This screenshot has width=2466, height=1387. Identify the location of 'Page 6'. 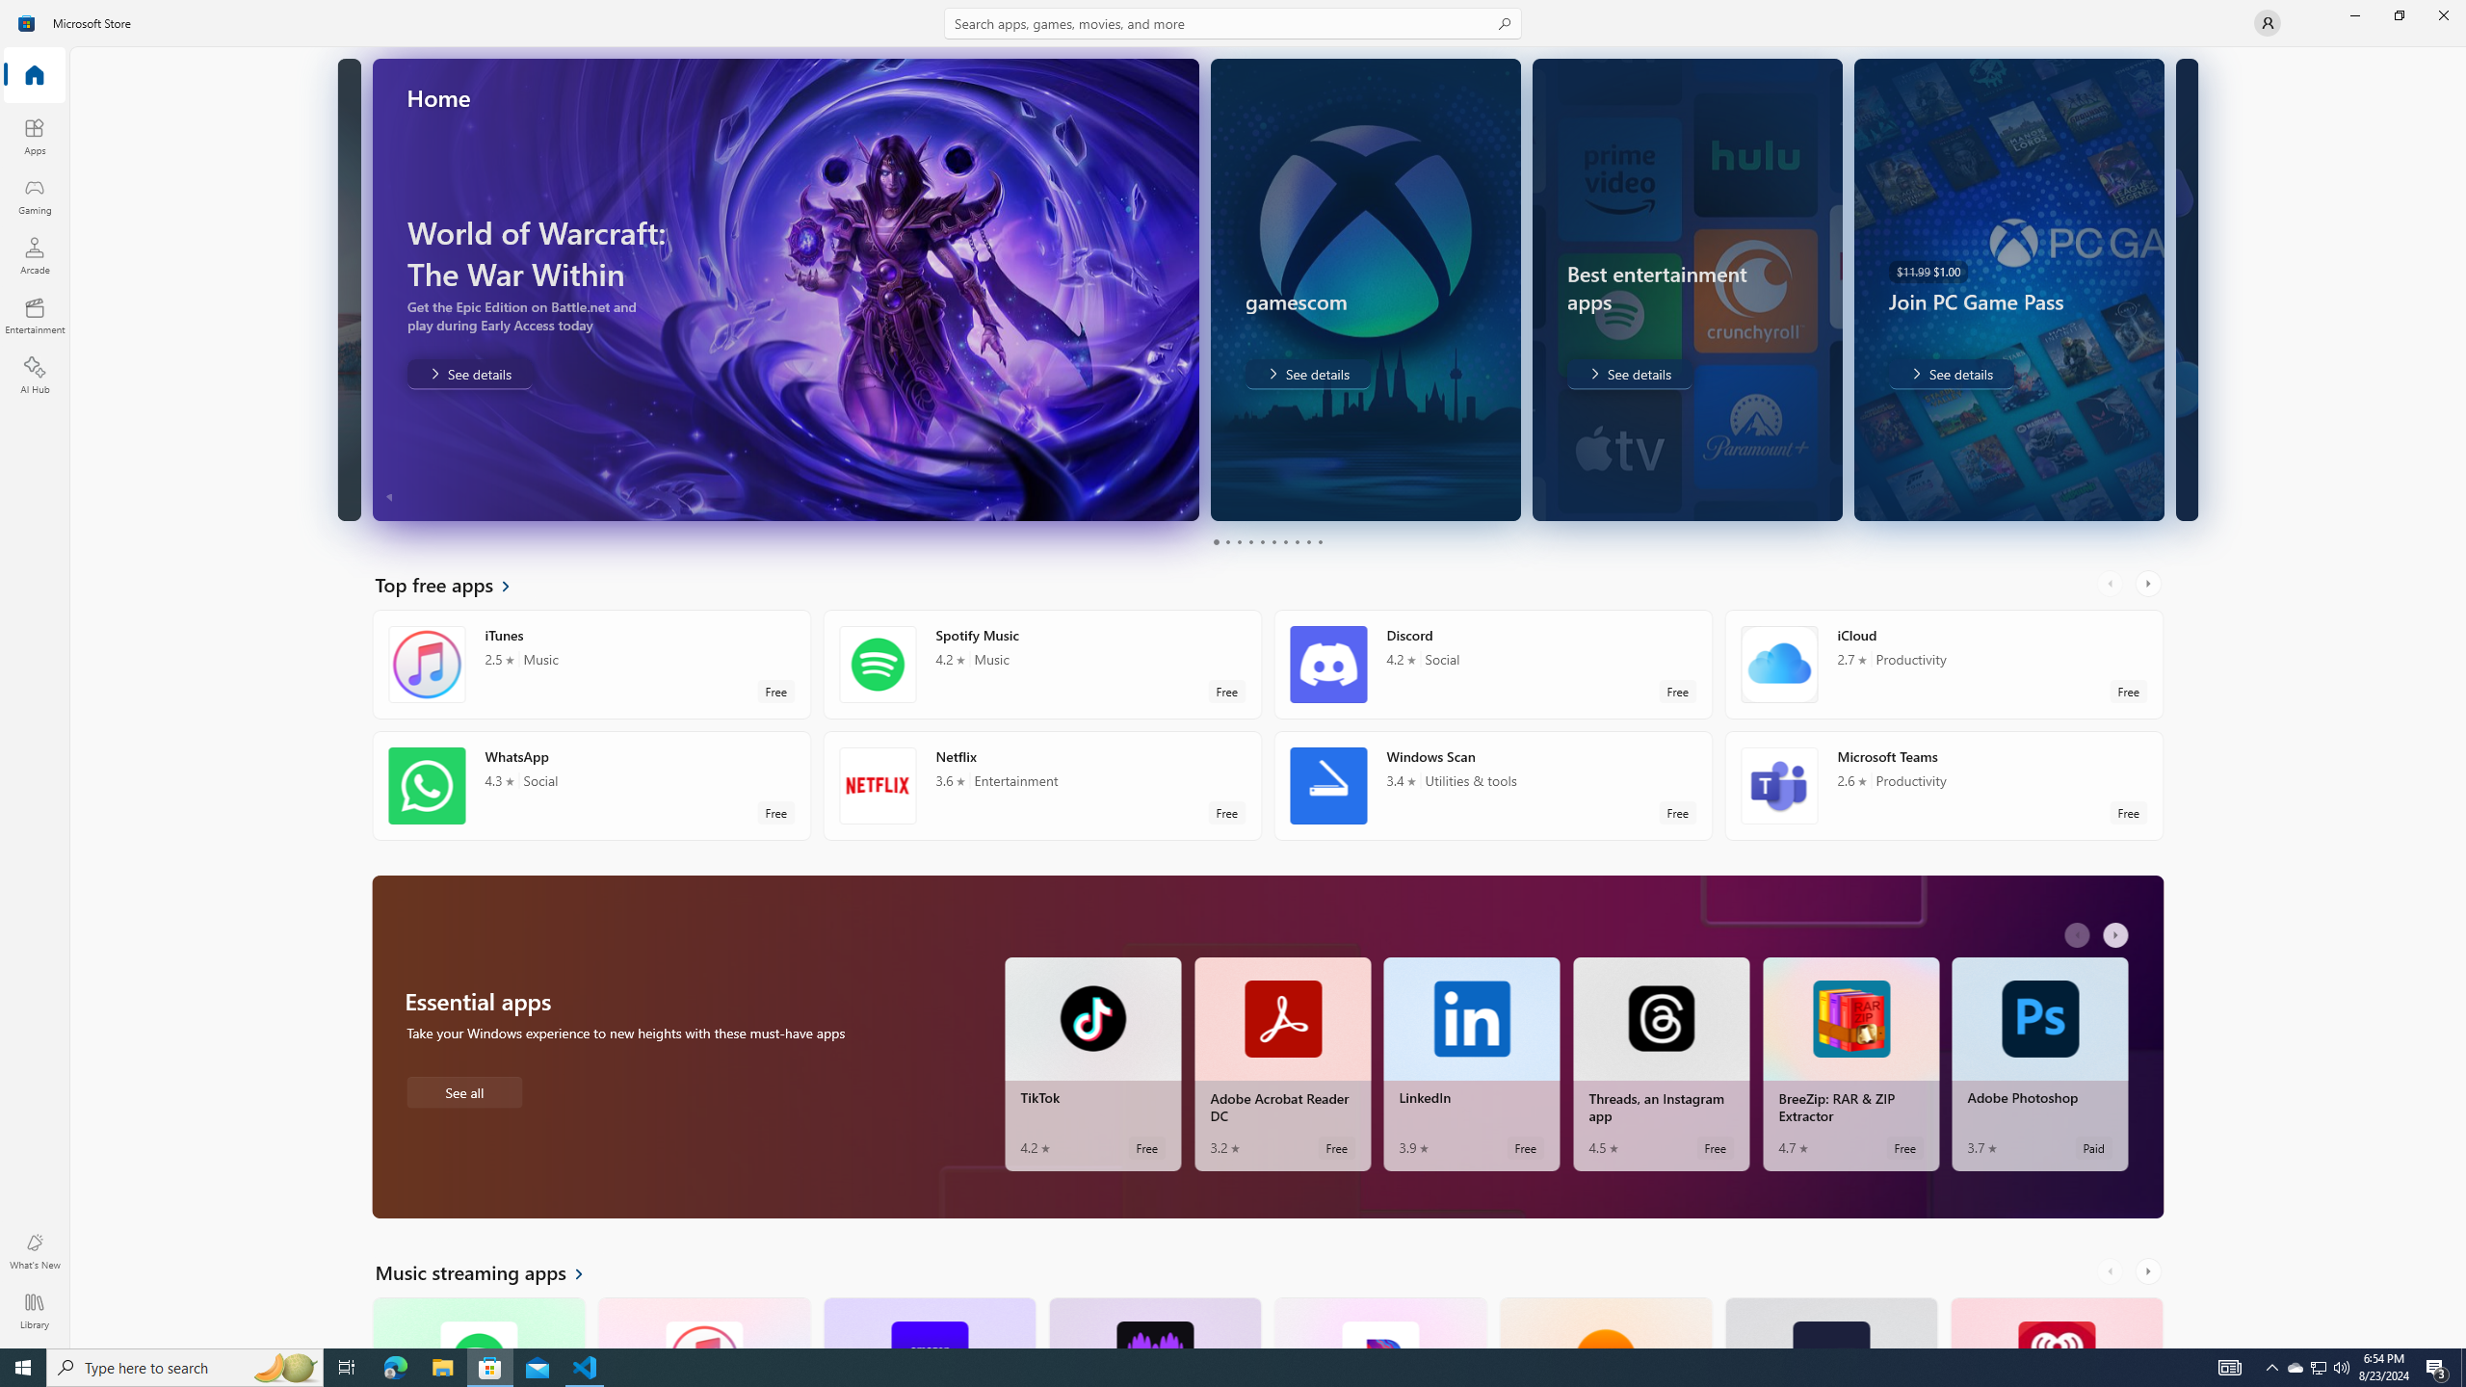
(1272, 541).